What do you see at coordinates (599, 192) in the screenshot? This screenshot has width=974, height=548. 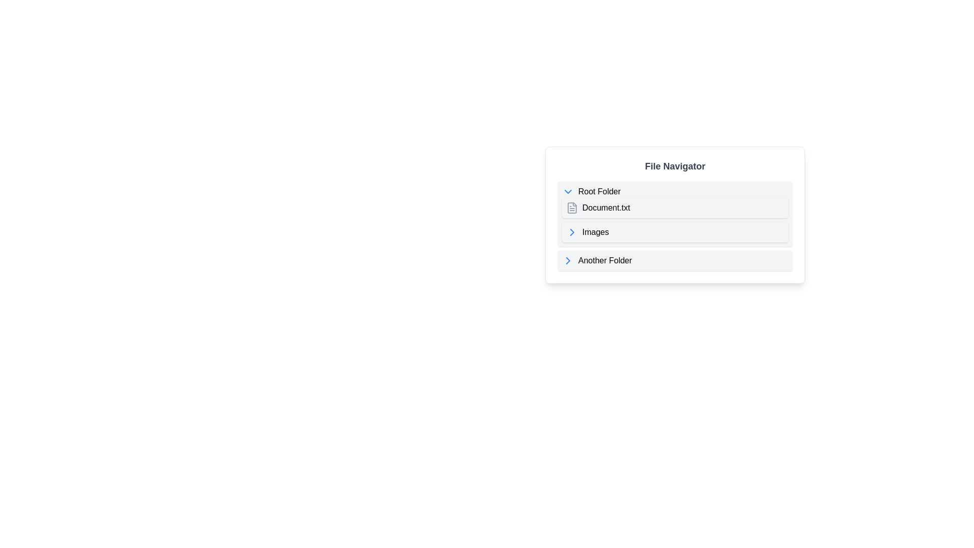 I see `the static text label that identifies the root directory` at bounding box center [599, 192].